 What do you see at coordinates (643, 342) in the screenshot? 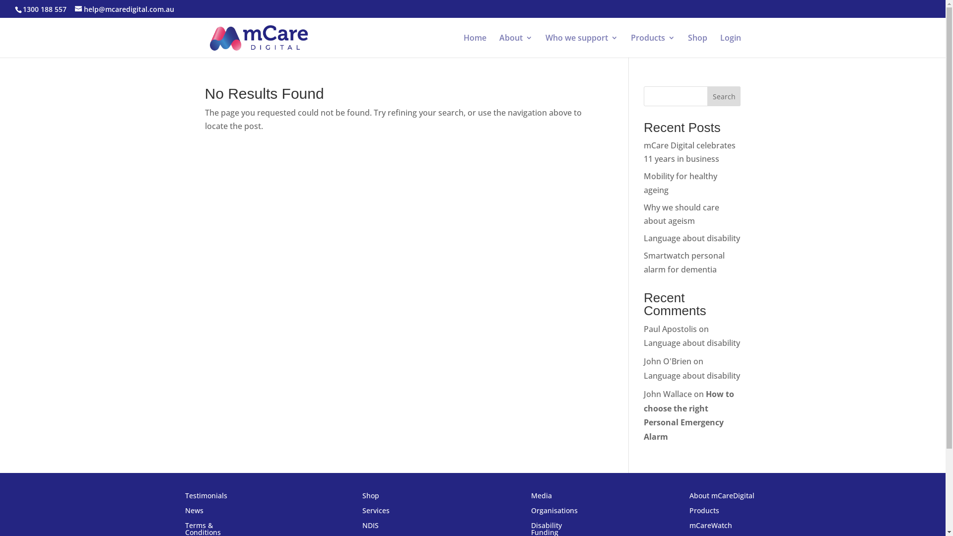
I see `'Language about disability'` at bounding box center [643, 342].